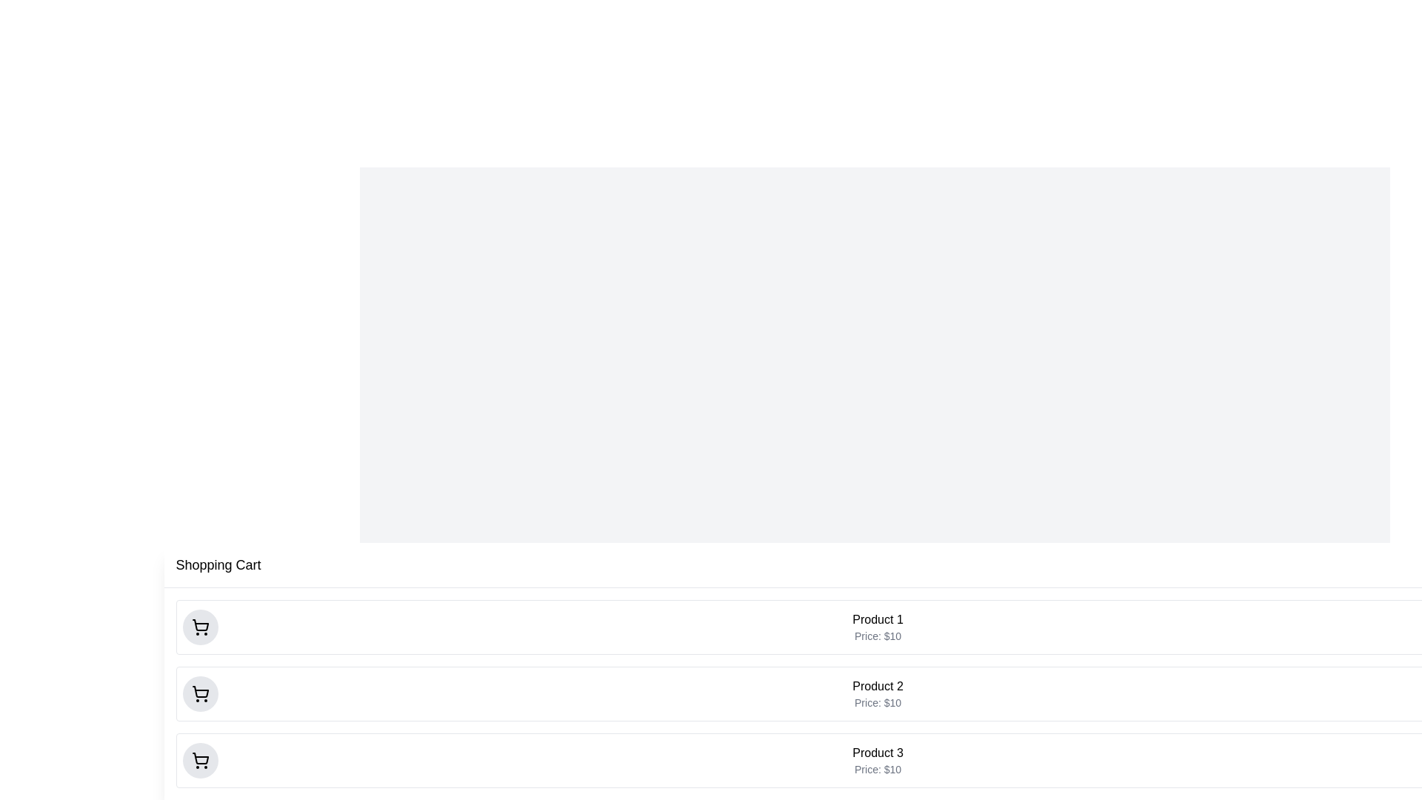  Describe the element at coordinates (199, 627) in the screenshot. I see `the shopping cart icon associated with 'Product 1' in the product details row` at that location.